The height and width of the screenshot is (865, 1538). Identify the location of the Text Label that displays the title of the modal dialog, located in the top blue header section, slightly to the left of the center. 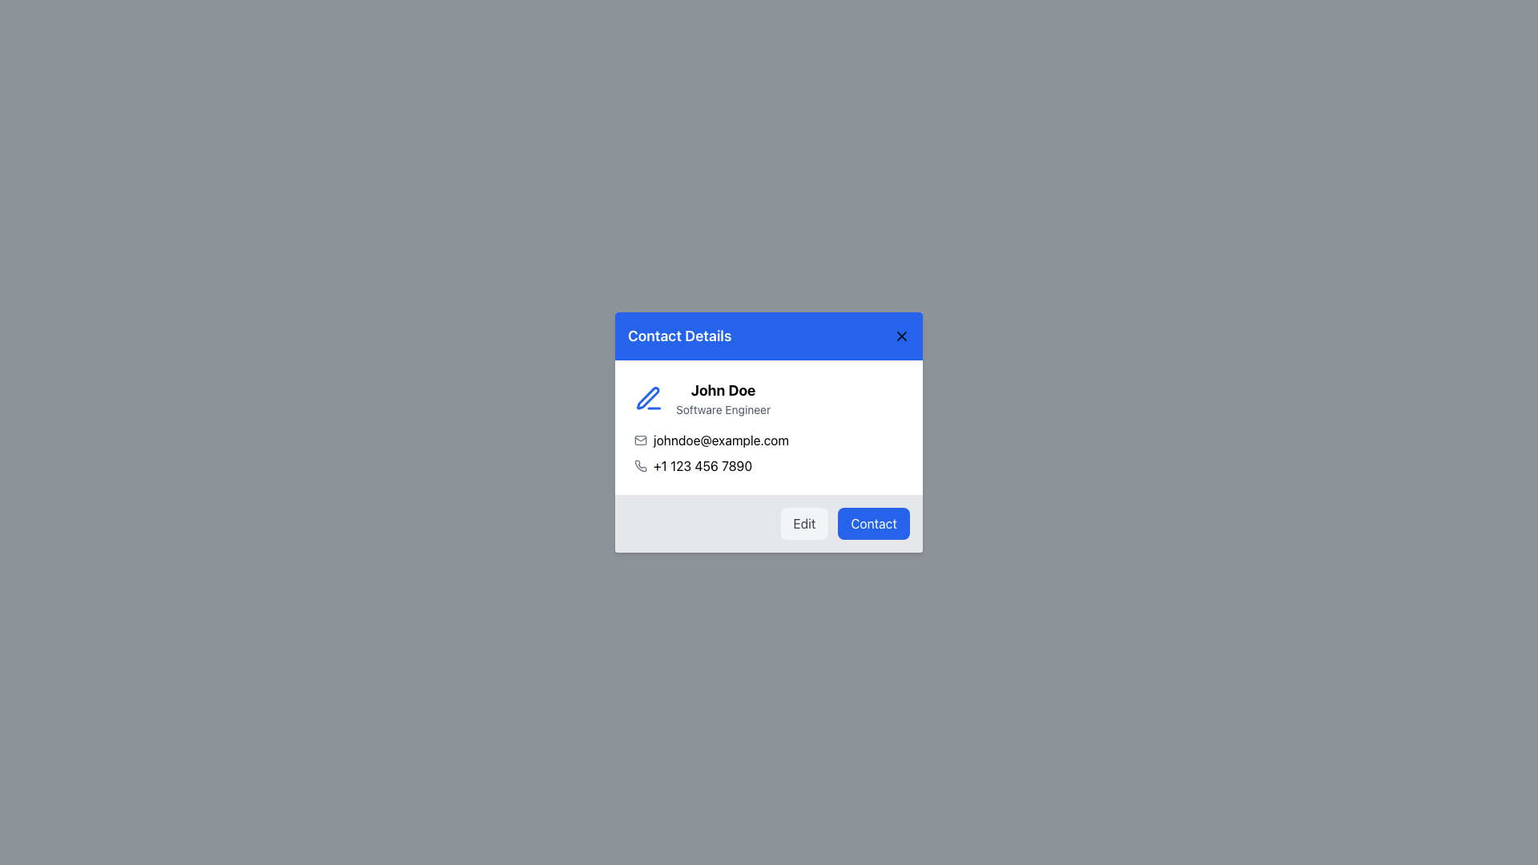
(679, 336).